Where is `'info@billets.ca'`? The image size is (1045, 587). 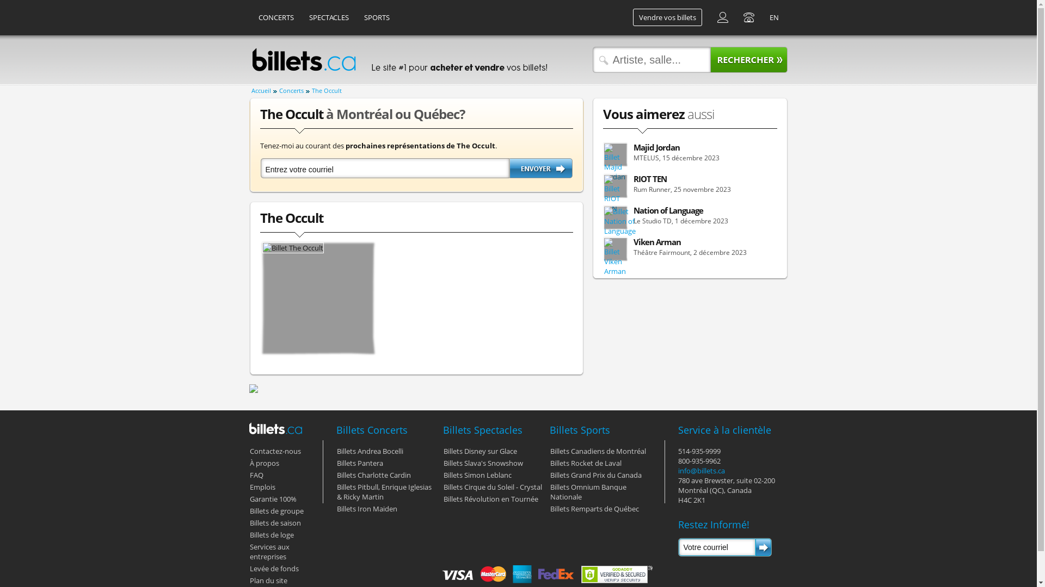 'info@billets.ca' is located at coordinates (702, 470).